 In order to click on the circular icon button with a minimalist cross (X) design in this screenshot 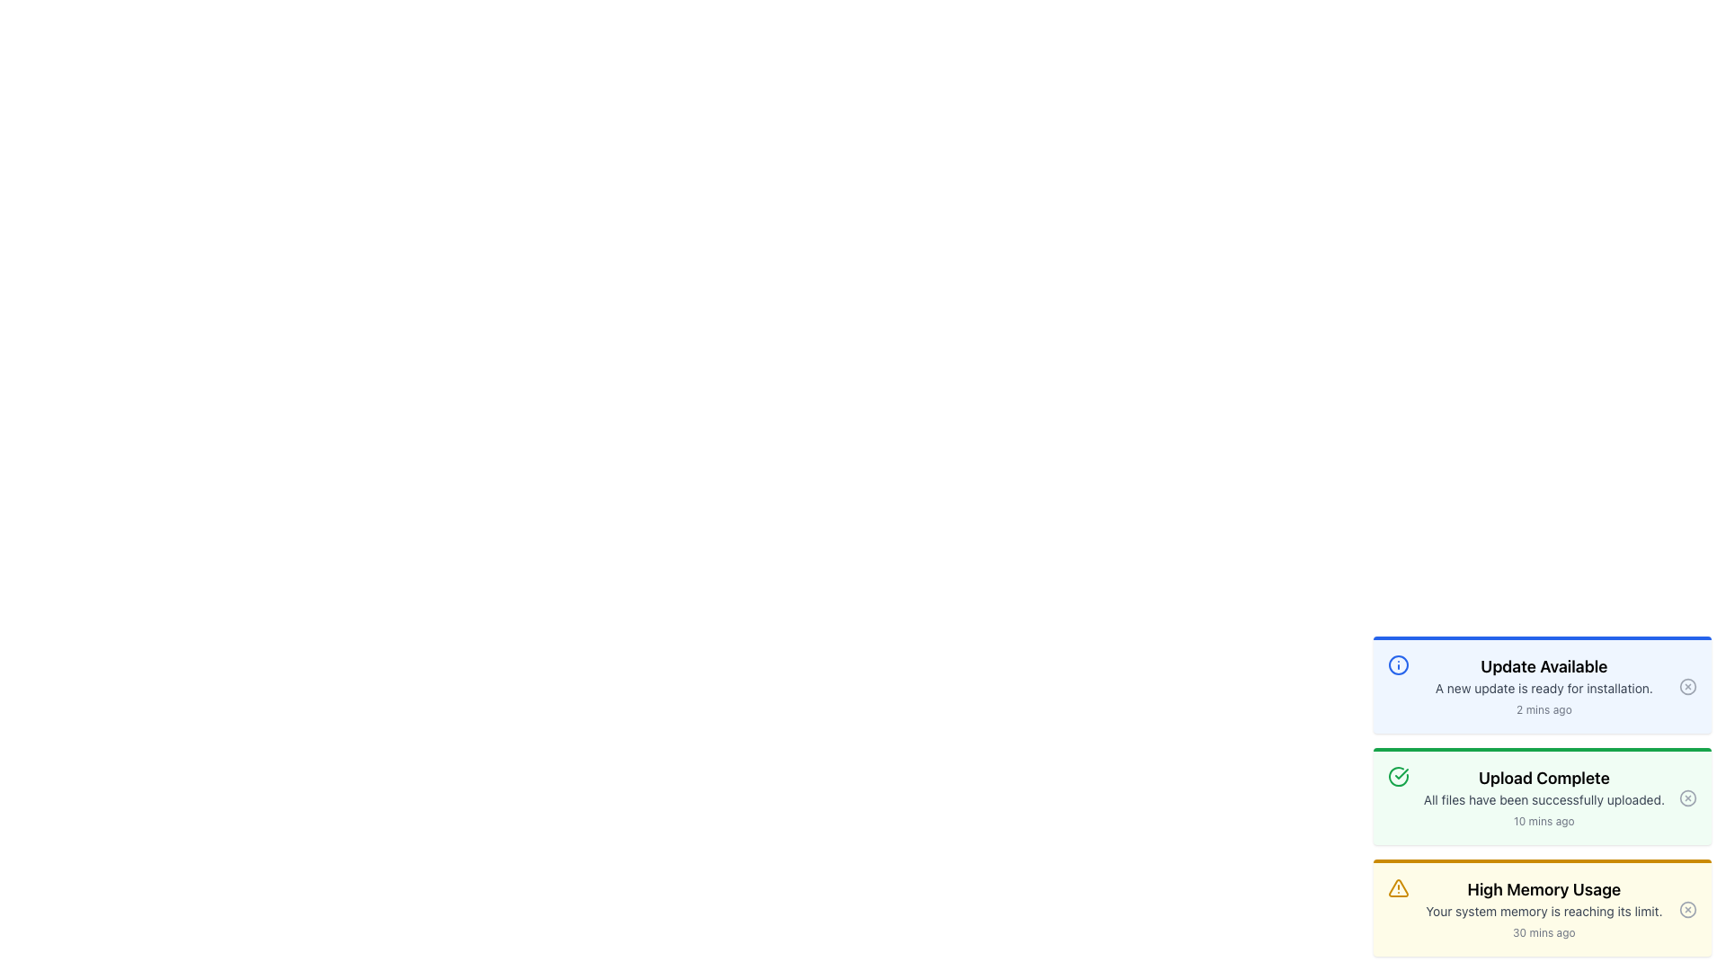, I will do `click(1686, 797)`.